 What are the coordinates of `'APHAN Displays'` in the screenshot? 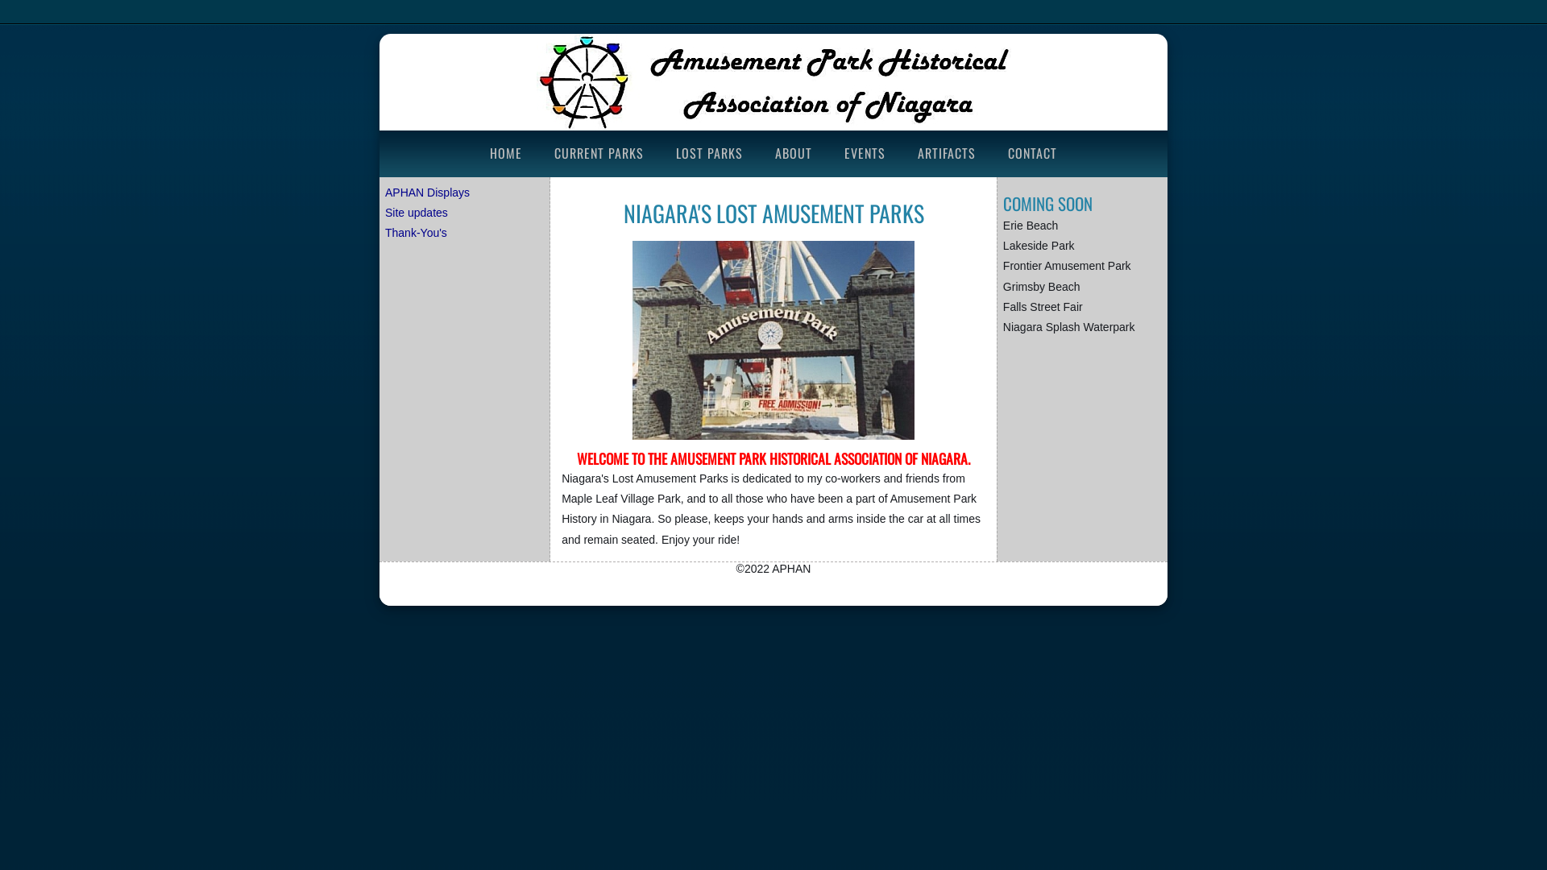 It's located at (427, 192).